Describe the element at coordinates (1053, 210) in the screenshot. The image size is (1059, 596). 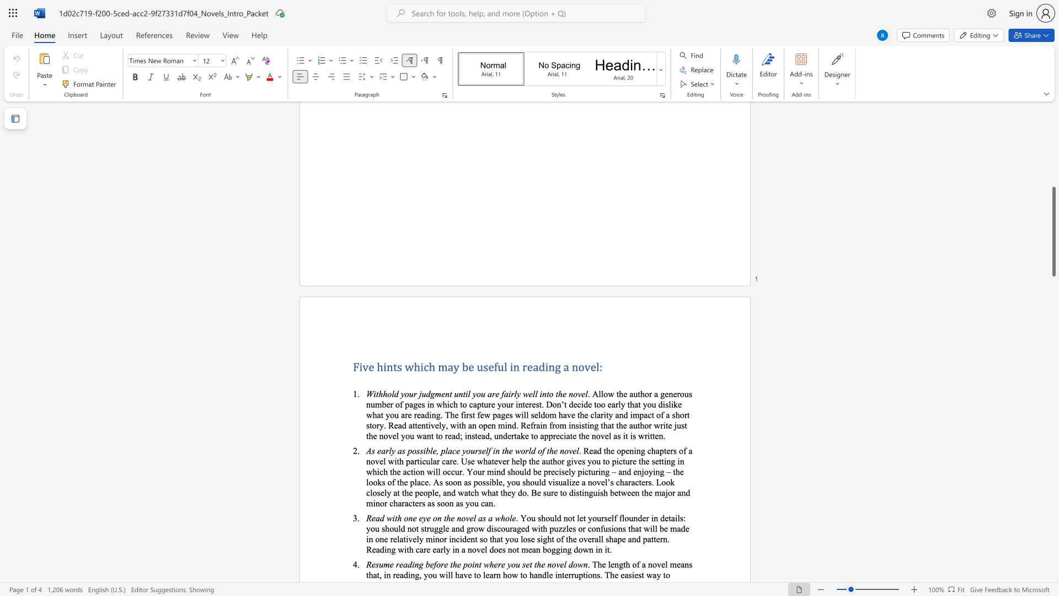
I see `the scrollbar to move the content higher` at that location.